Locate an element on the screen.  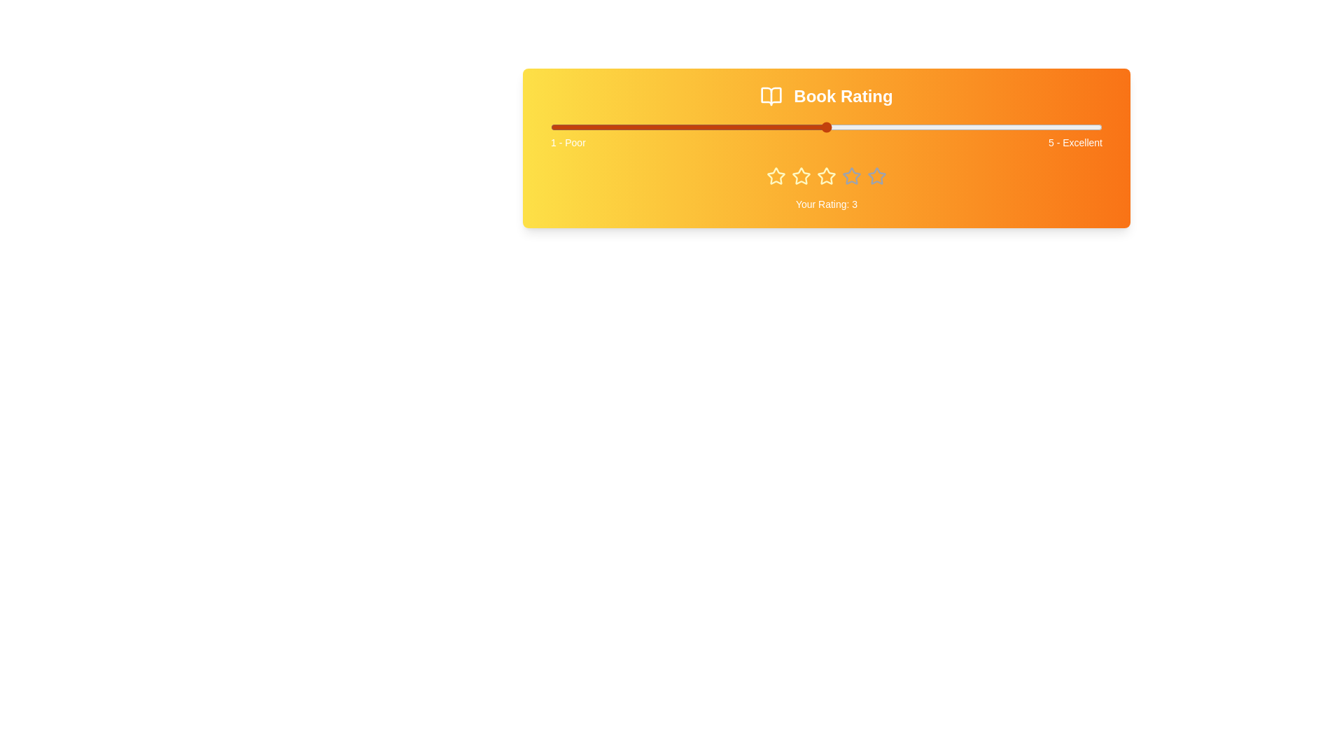
text from the label displaying '1 - Poor', which is styled in white on a yellow-to-orange gradient background, located at the top-left of the interface is located at coordinates (568, 143).